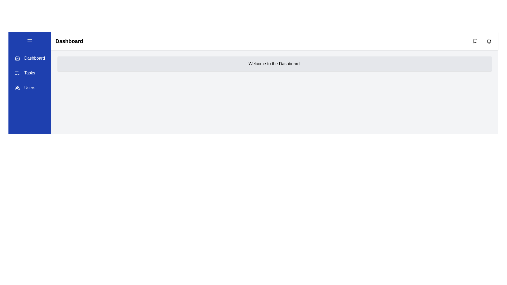  What do you see at coordinates (29, 87) in the screenshot?
I see `the 'Users' navigation link located within the sidebar menu, positioned third from the top, below 'Dashboard' and 'Tasks'` at bounding box center [29, 87].